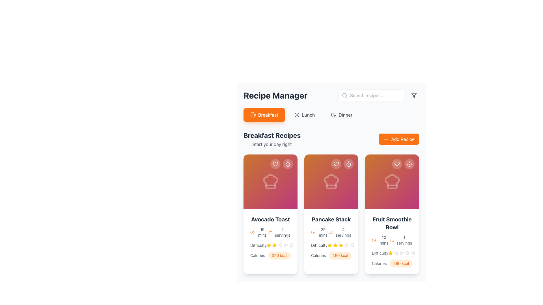 This screenshot has height=305, width=543. I want to click on the informational label indicating the caloric value of the 'Pancake Stack' recipe, so click(331, 256).